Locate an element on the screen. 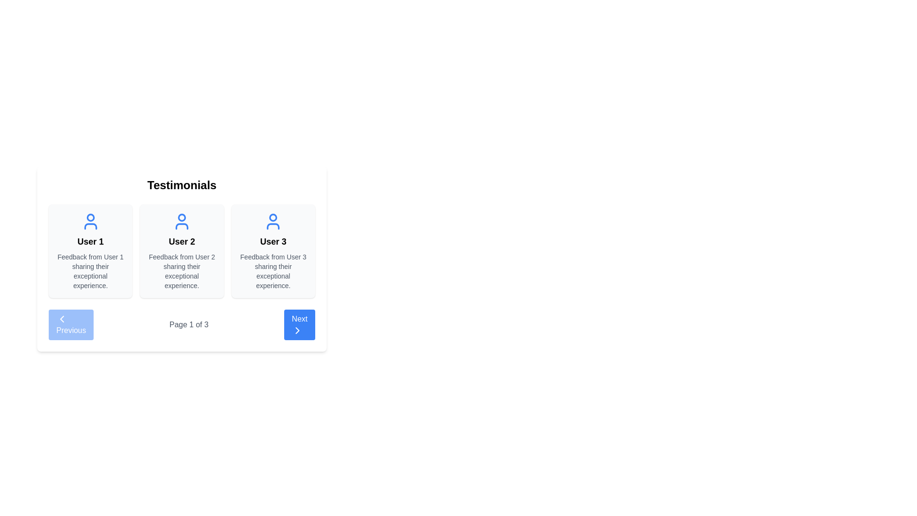 This screenshot has height=516, width=917. the Text Display element that shows feedback from a user, styled with muted gray color and located below 'User 2' in the second feedback card is located at coordinates (181, 271).